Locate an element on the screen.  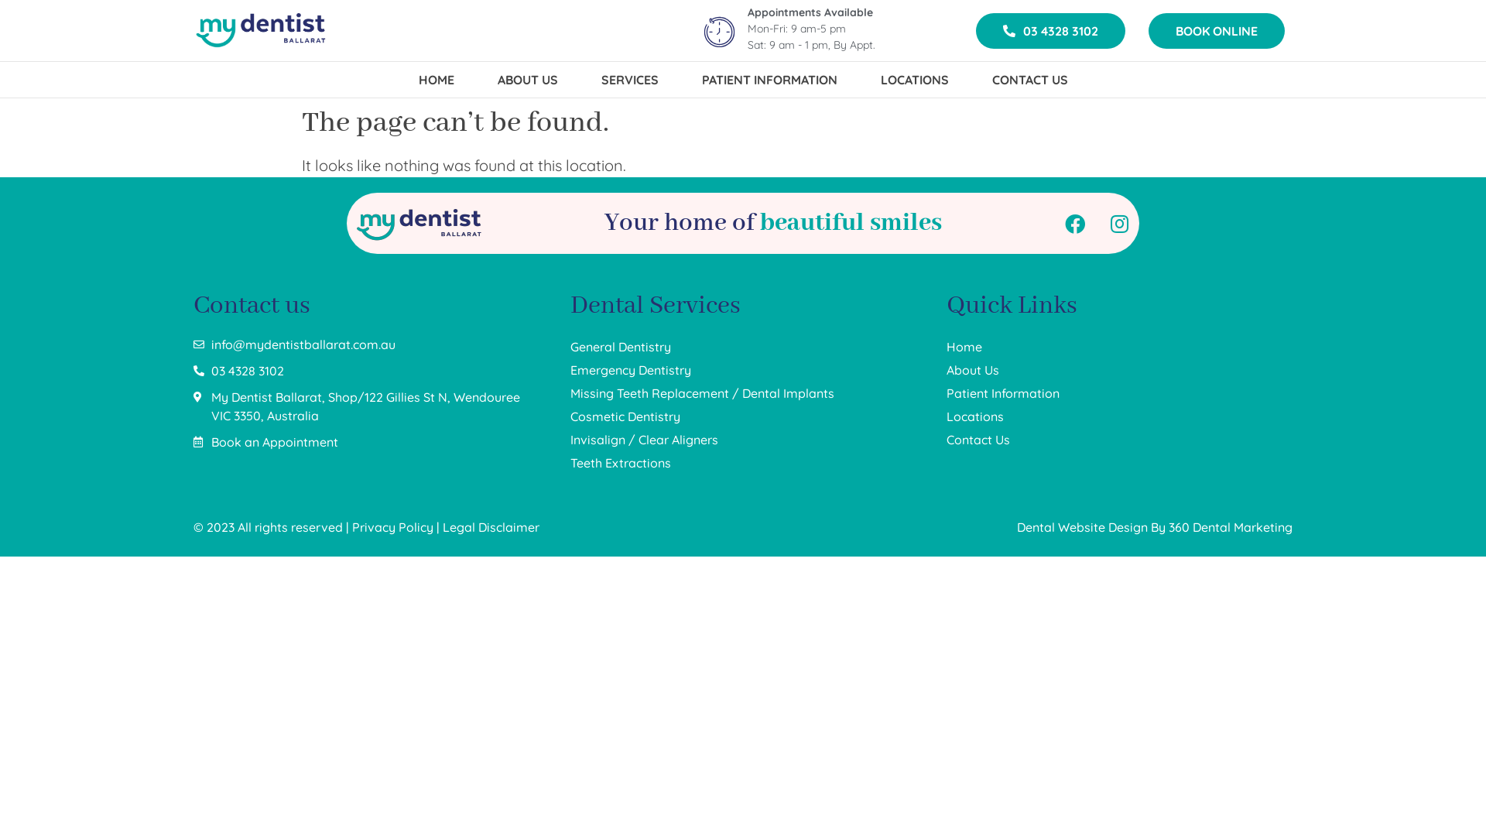
'Dental Website Design By' is located at coordinates (1091, 526).